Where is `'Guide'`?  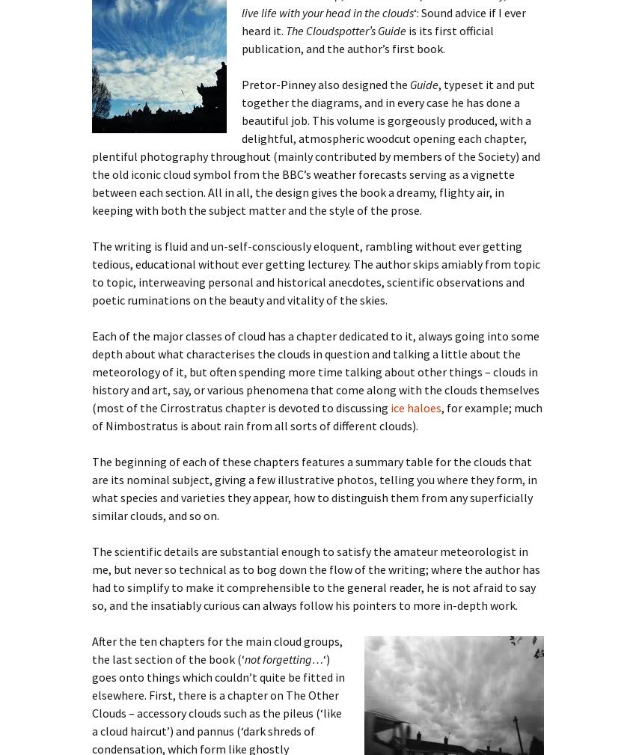 'Guide' is located at coordinates (409, 84).